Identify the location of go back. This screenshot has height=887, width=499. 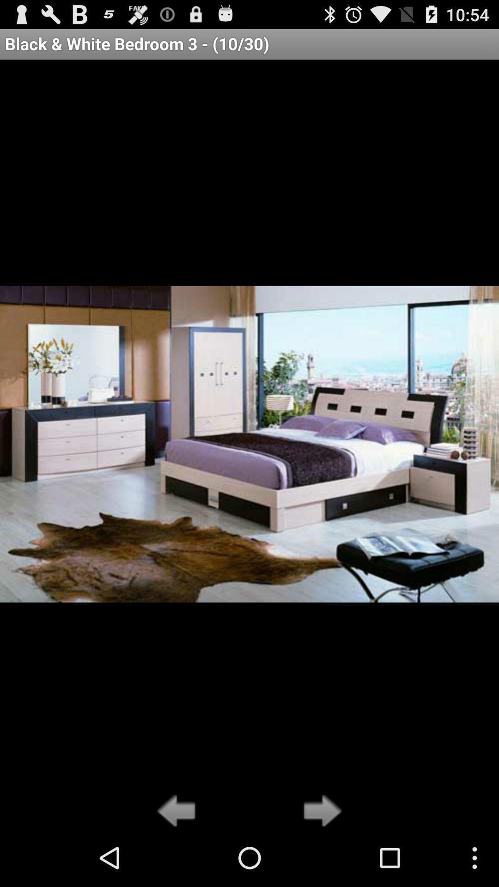
(179, 811).